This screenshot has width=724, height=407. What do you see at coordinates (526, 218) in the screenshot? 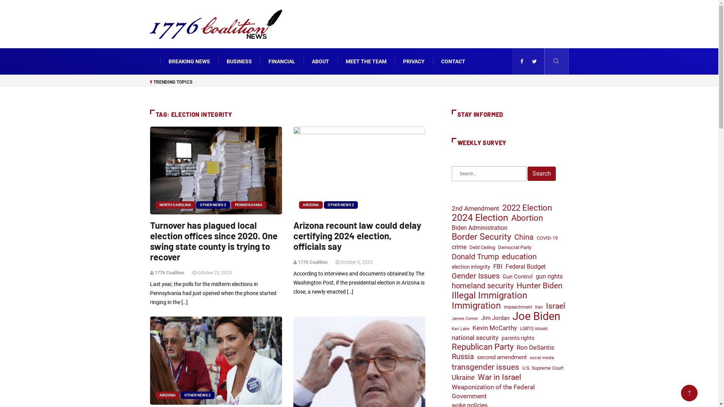
I see `'Abortion'` at bounding box center [526, 218].